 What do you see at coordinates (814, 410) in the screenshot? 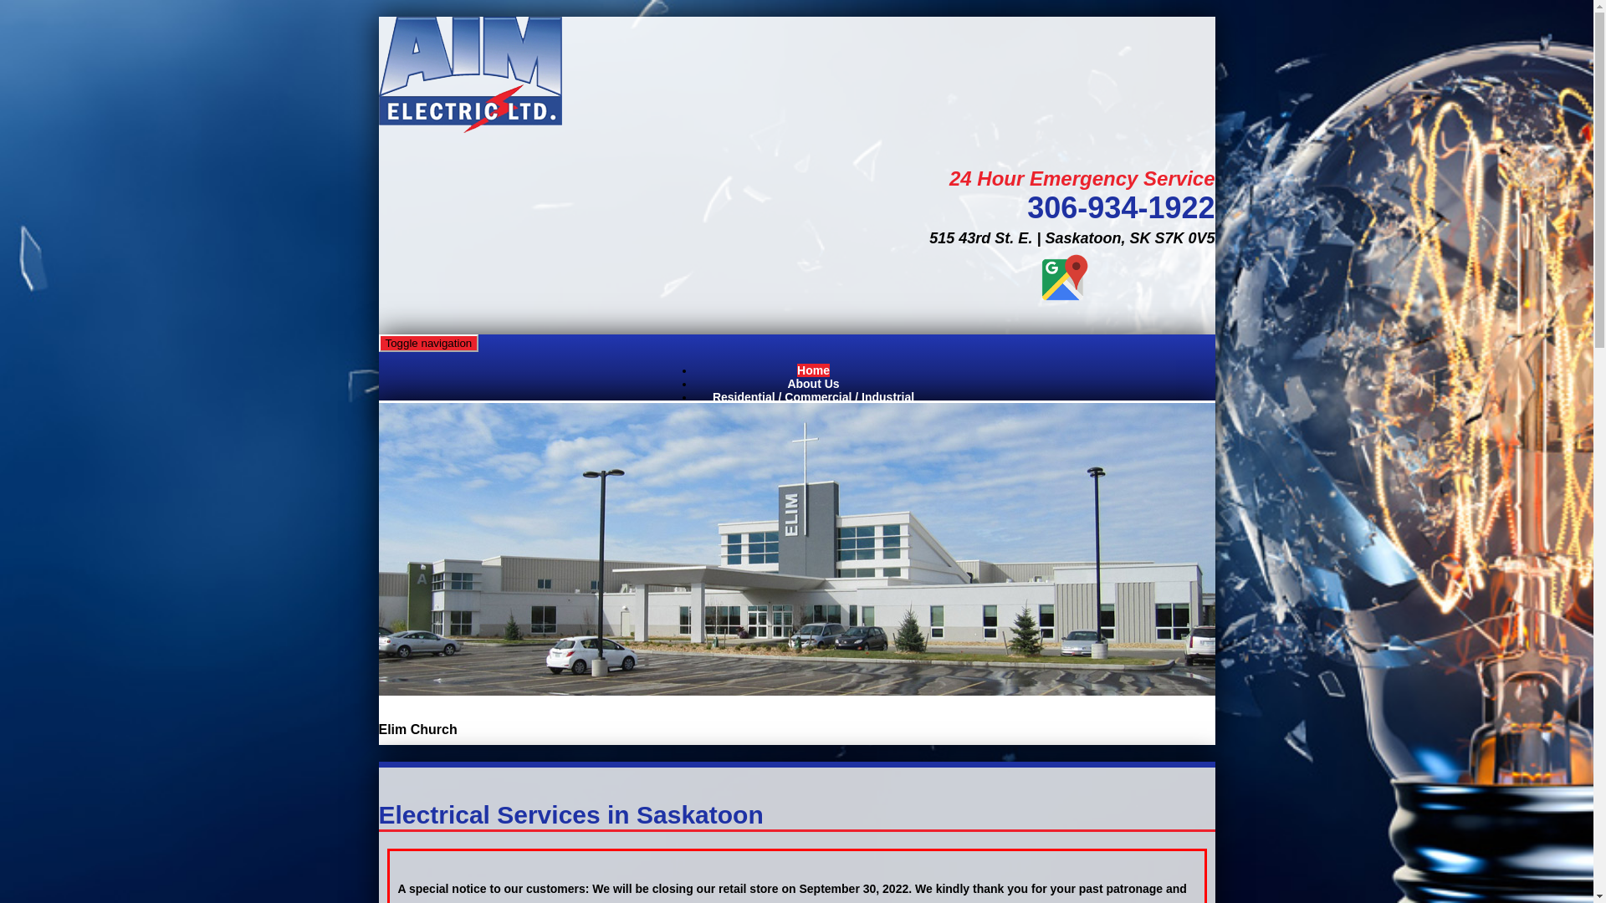
I see `'Contact Us'` at bounding box center [814, 410].